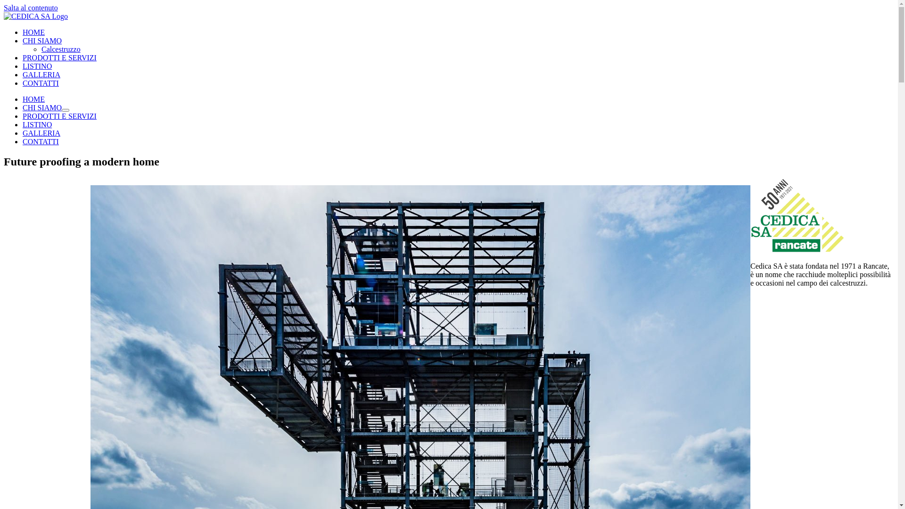 This screenshot has width=905, height=509. Describe the element at coordinates (37, 66) in the screenshot. I see `'LISTINO'` at that location.